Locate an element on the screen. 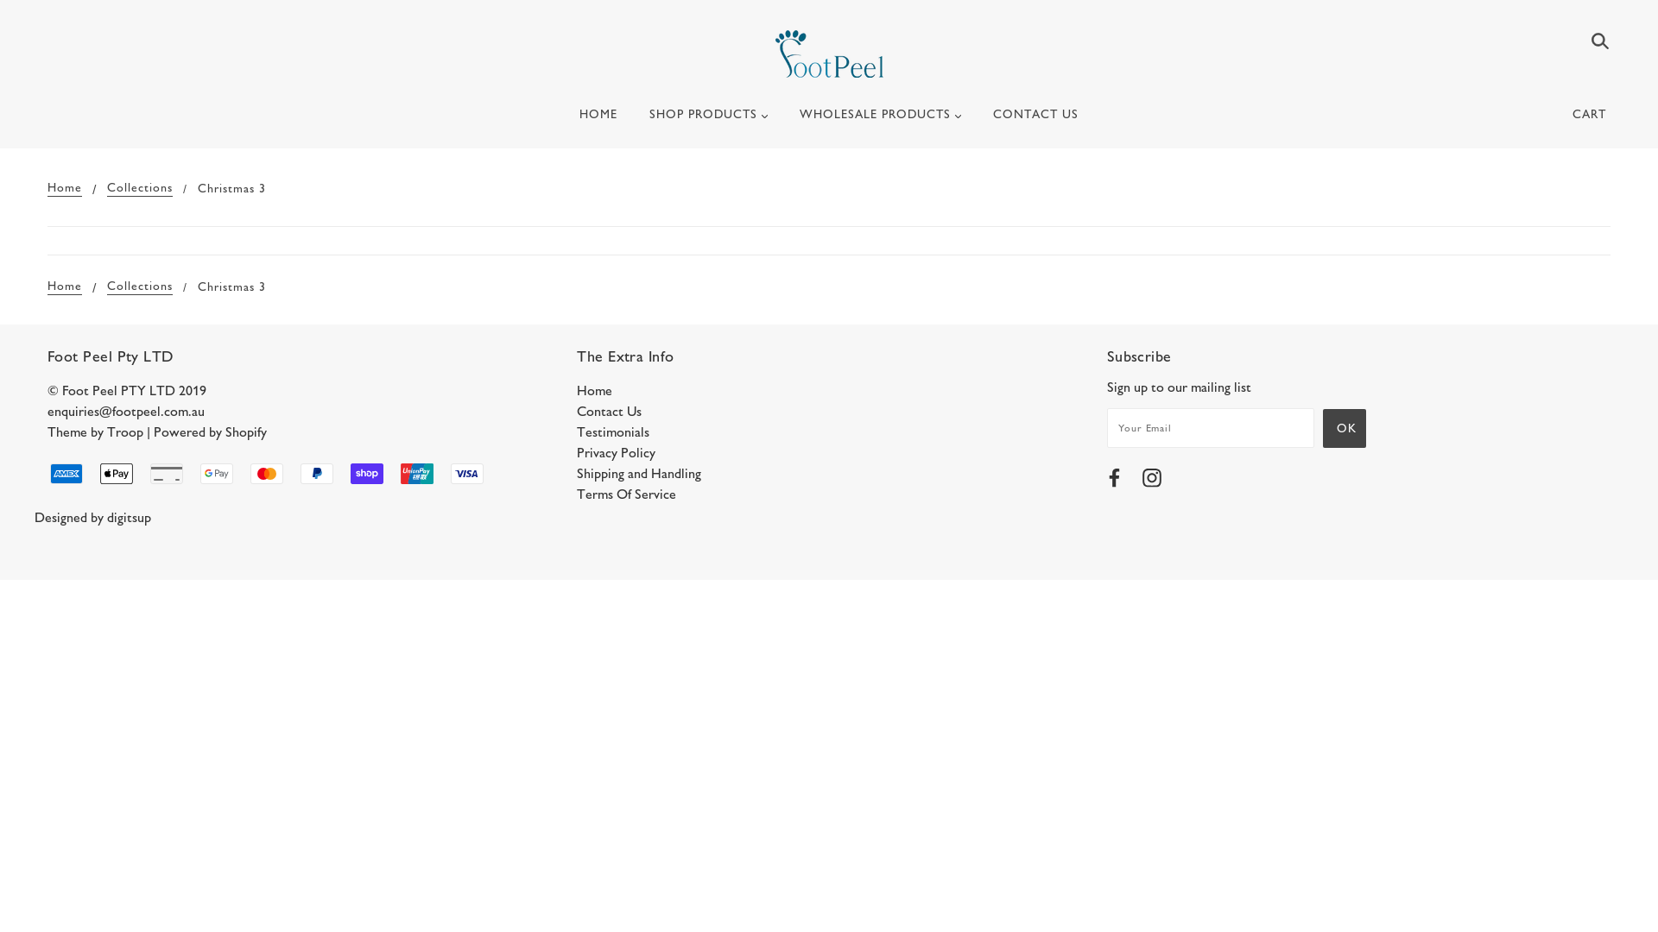  'Shipping and Handling' is located at coordinates (637, 473).